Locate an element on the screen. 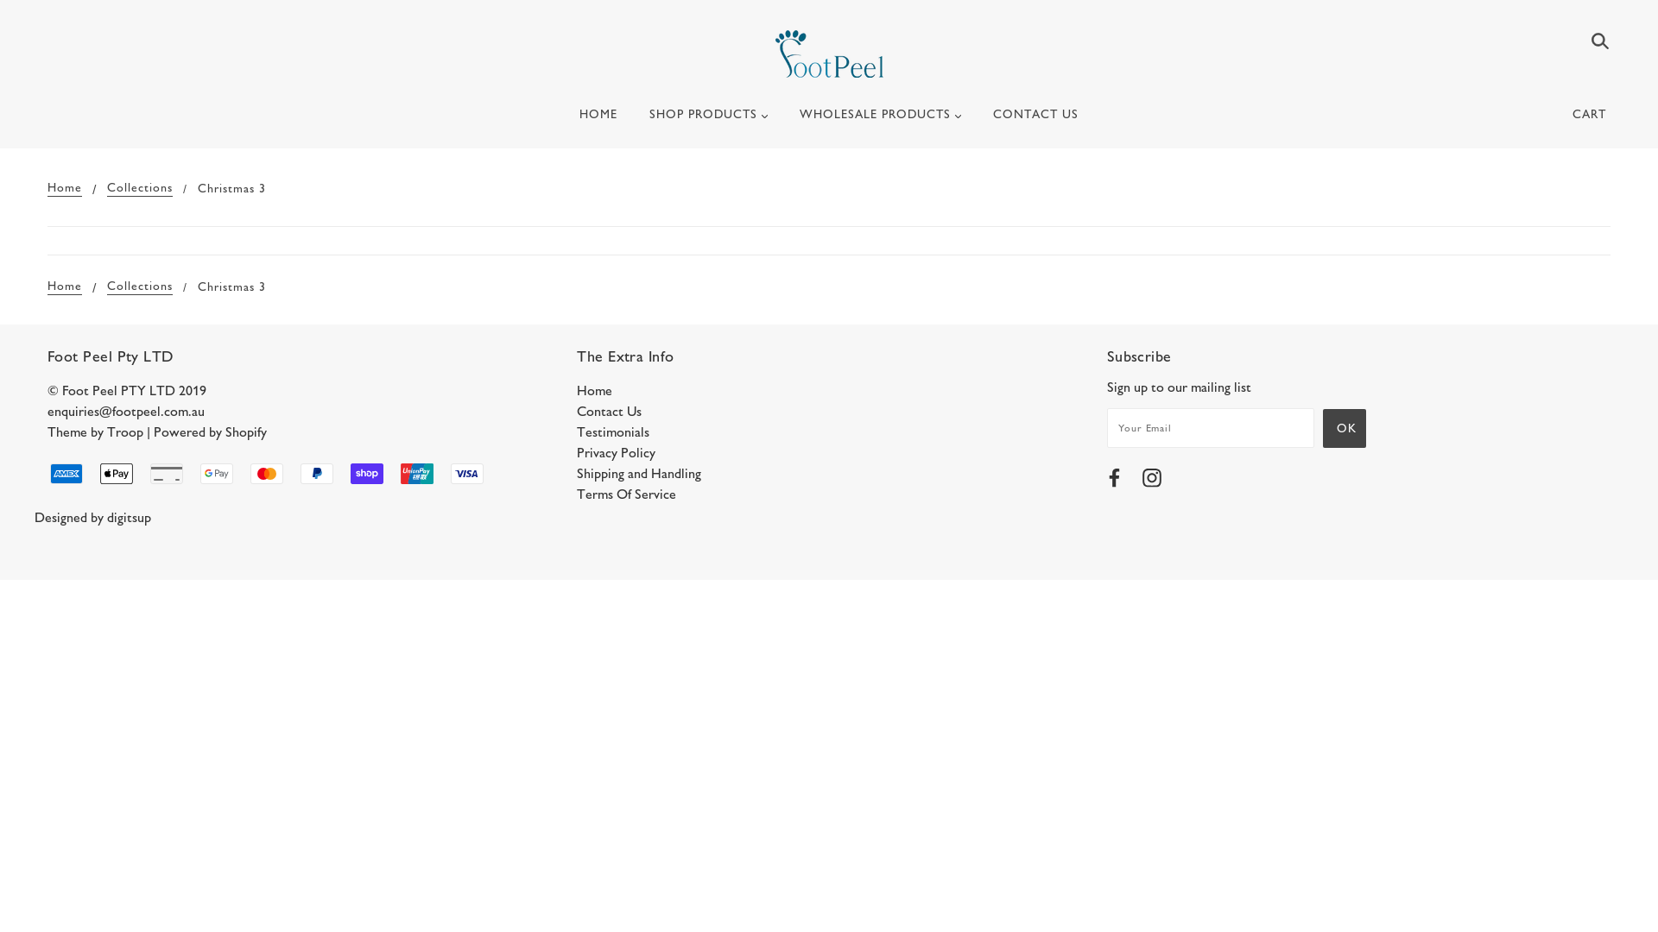  'Shipping and Handling' is located at coordinates (637, 473).